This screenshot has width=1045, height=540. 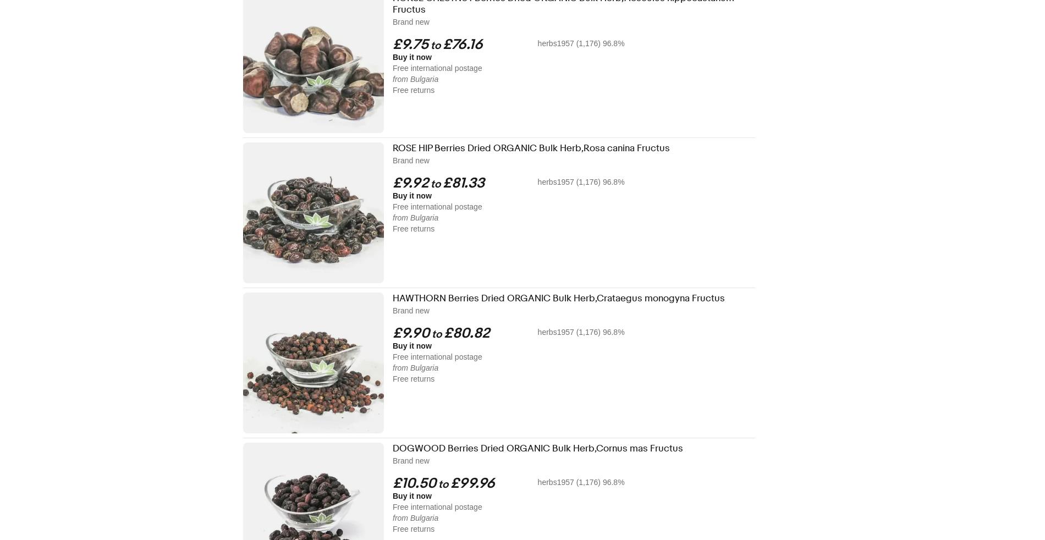 What do you see at coordinates (558, 297) in the screenshot?
I see `'HAWTHORN Berries Dried ORGANIC Bulk Herb,Crataegus monogyna Fructus'` at bounding box center [558, 297].